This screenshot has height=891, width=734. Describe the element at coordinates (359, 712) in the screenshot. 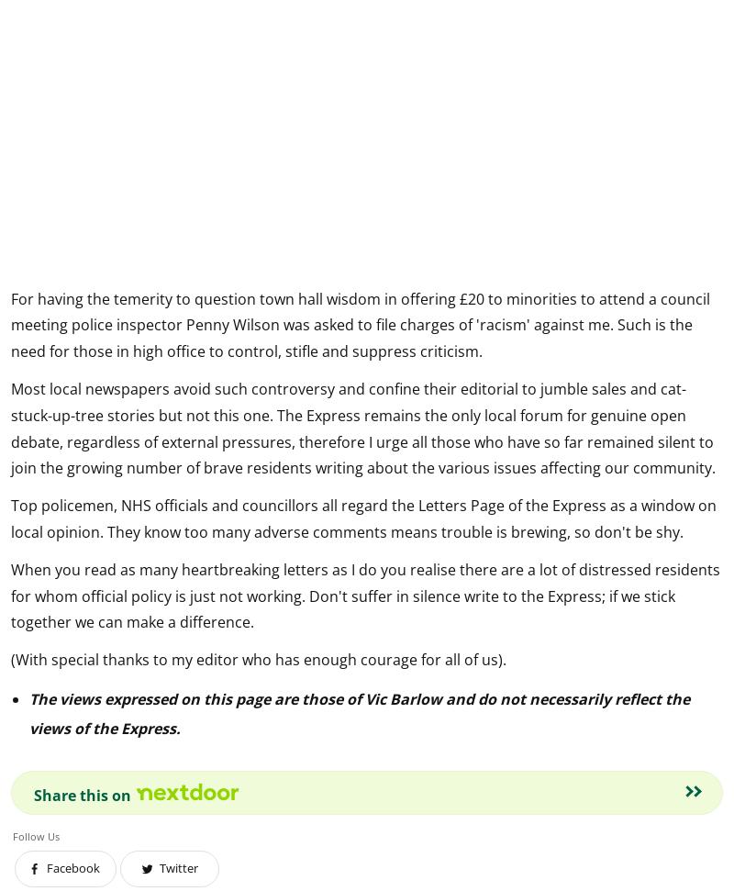

I see `'The views expressed on this page are those of Vic Barlow and do not necessarily reflect the views of the Express.'` at that location.